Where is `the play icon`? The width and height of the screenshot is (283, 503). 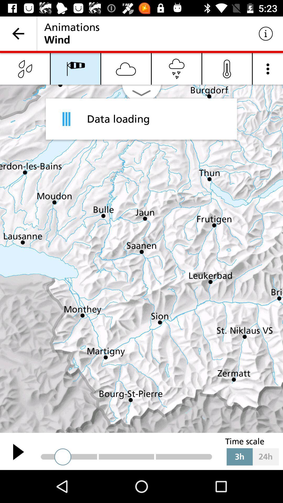
the play icon is located at coordinates (18, 451).